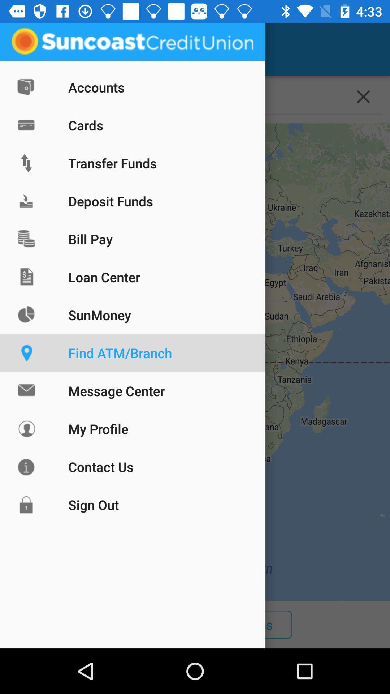 Image resolution: width=390 pixels, height=694 pixels. What do you see at coordinates (195, 362) in the screenshot?
I see `the icon above all item` at bounding box center [195, 362].